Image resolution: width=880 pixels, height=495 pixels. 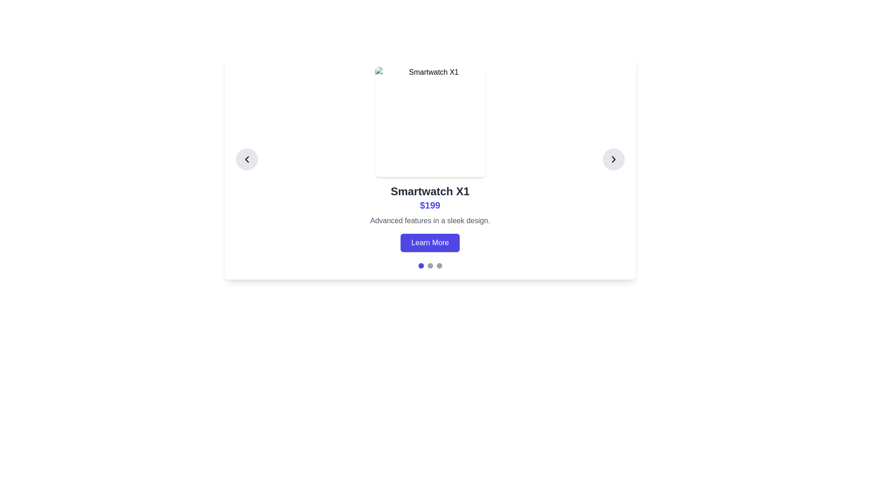 I want to click on the first circular Indicator dot located beneath the 'Learn More' text, so click(x=420, y=265).